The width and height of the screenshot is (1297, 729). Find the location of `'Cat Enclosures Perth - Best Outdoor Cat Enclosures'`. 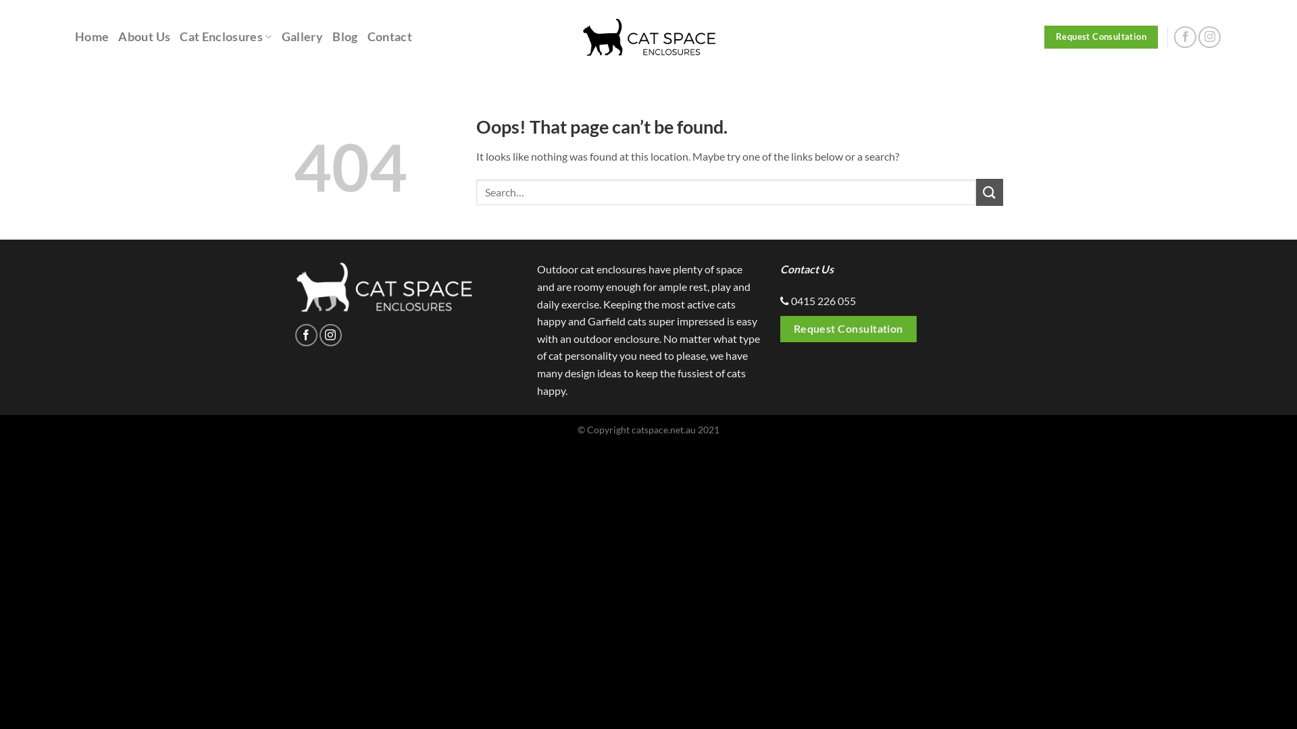

'Cat Enclosures Perth - Best Outdoor Cat Enclosures' is located at coordinates (648, 36).